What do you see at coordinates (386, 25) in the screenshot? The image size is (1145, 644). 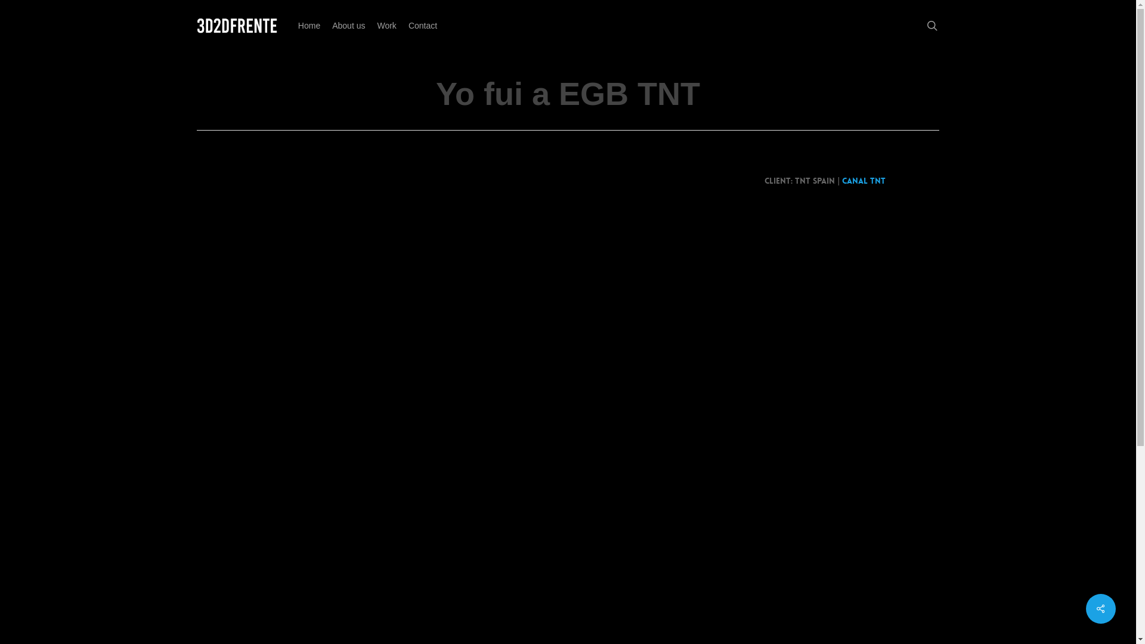 I see `'Work'` at bounding box center [386, 25].